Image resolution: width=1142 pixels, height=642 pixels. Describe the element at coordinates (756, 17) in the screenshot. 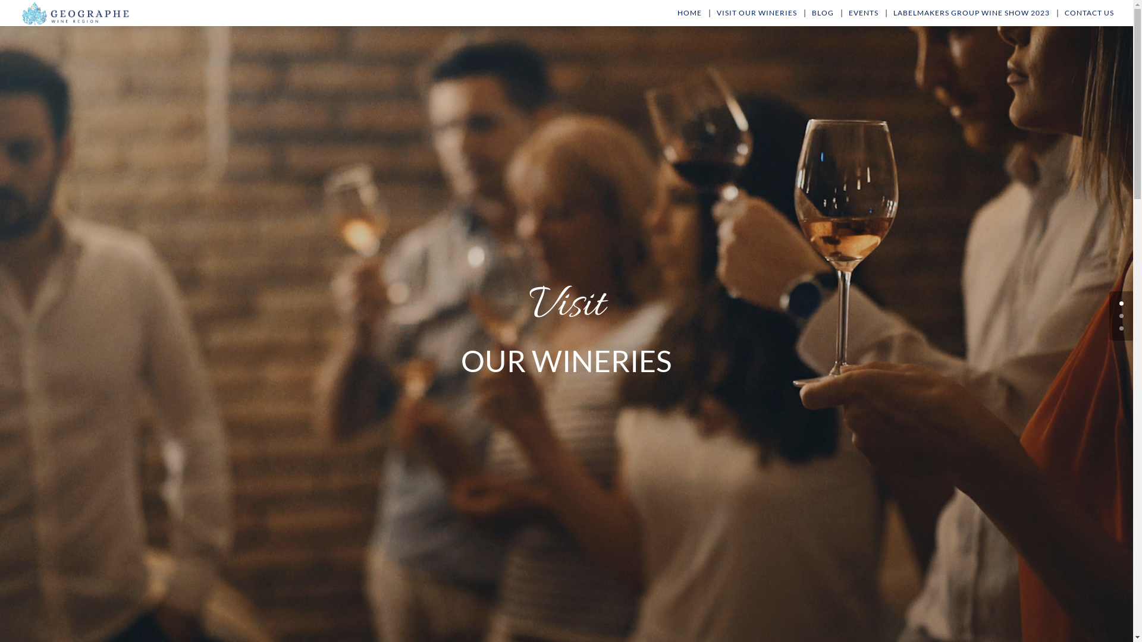

I see `'VISIT OUR WINERIES'` at that location.